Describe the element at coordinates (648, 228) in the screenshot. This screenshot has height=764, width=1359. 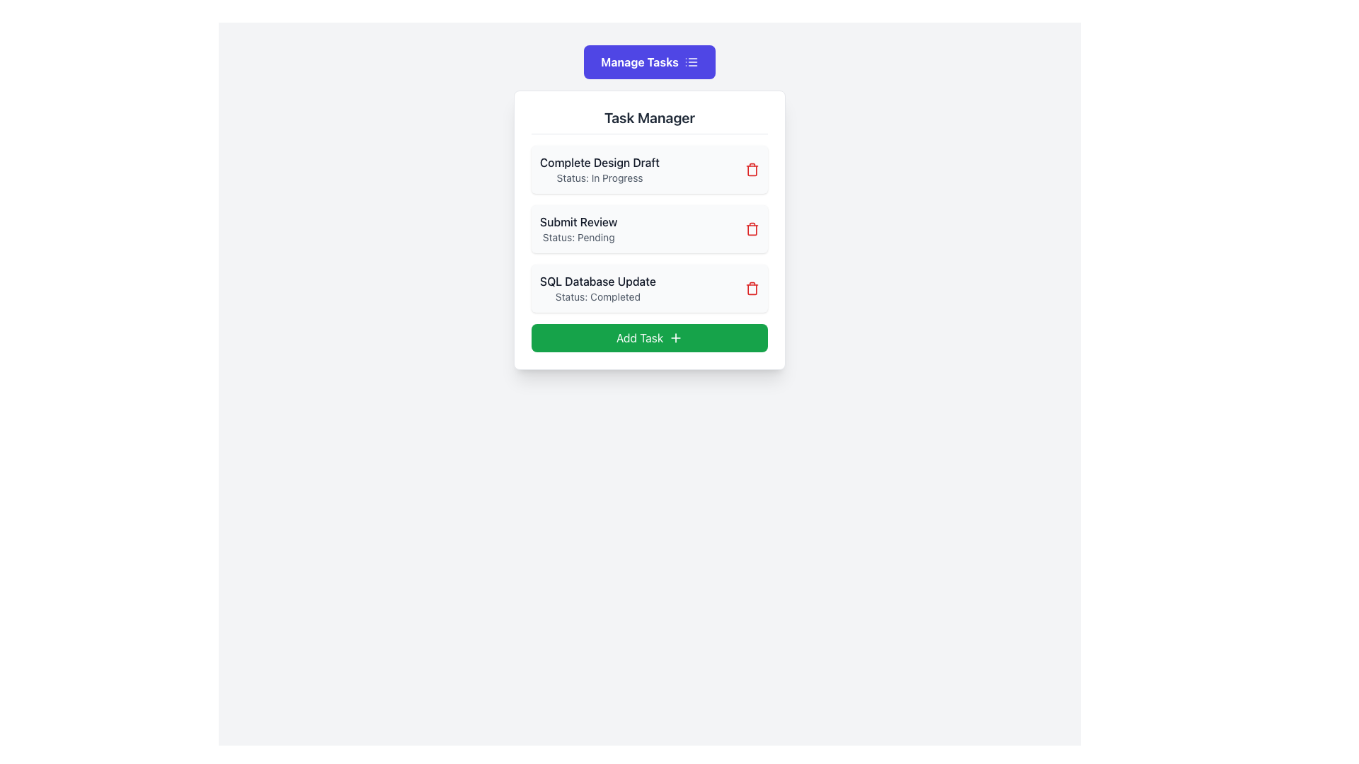
I see `the interactive parts of the Task Card displaying the title and status of the task 'Submit Review', which is the second item in a vertical list of tasks` at that location.